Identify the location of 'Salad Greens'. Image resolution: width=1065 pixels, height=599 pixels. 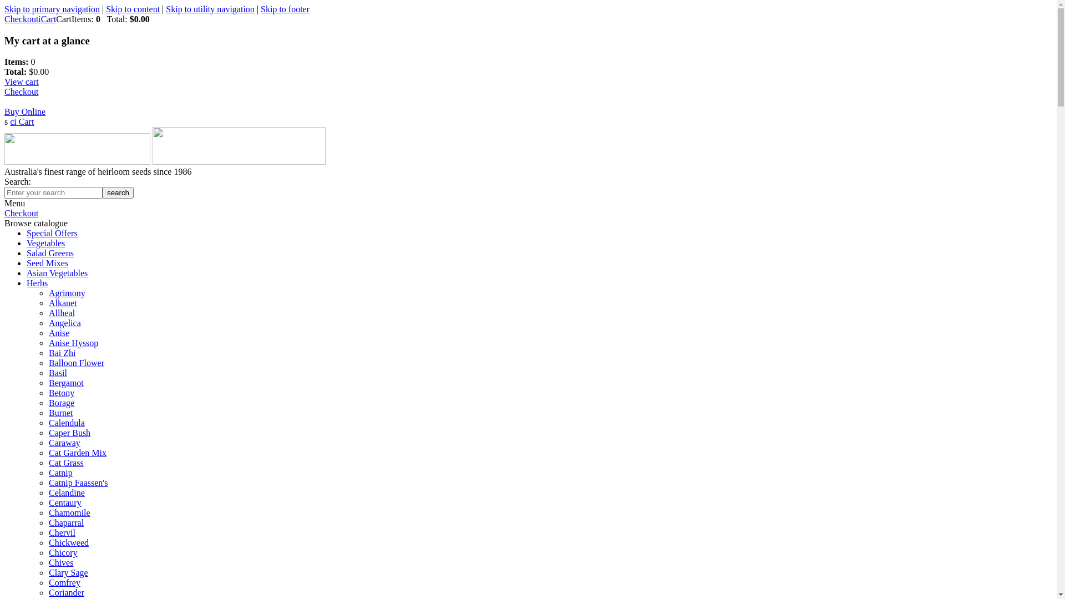
(27, 253).